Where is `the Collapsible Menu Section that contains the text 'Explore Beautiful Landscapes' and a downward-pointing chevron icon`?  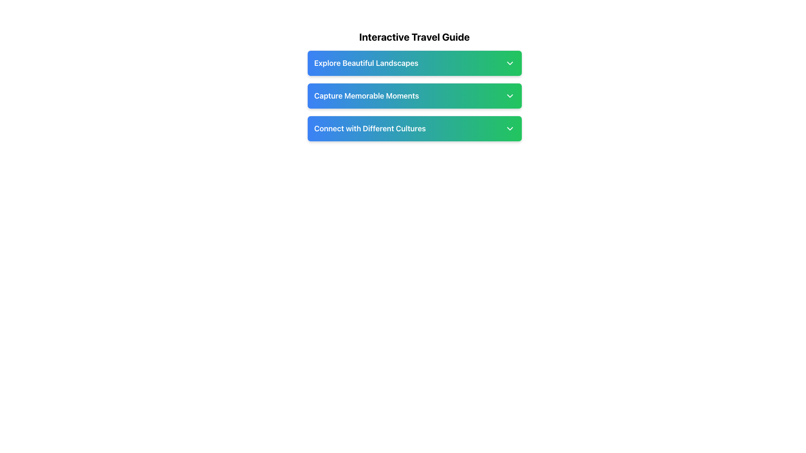 the Collapsible Menu Section that contains the text 'Explore Beautiful Landscapes' and a downward-pointing chevron icon is located at coordinates (414, 62).